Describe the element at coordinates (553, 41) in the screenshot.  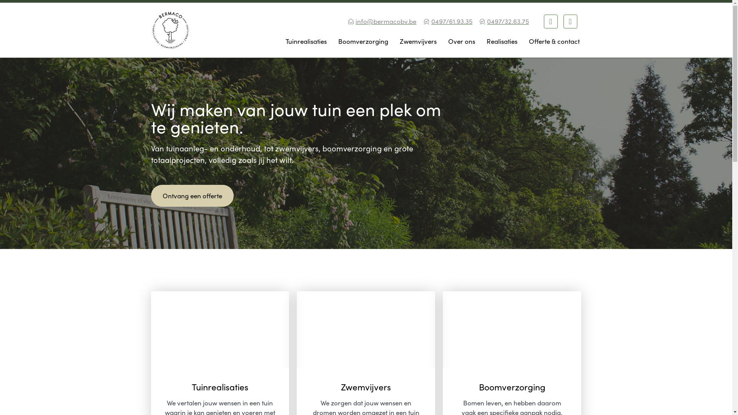
I see `'Offerte & contact'` at that location.